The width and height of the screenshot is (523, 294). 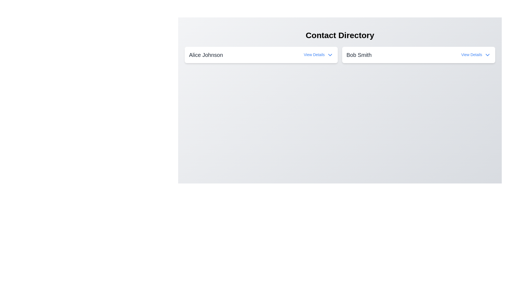 What do you see at coordinates (318, 55) in the screenshot?
I see `the button associated with the 'Alice Johnson' entry` at bounding box center [318, 55].